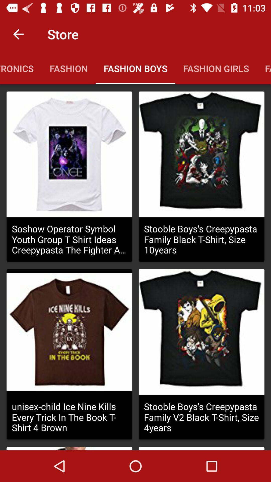 This screenshot has width=271, height=482. I want to click on item above the electronics icon, so click(18, 34).